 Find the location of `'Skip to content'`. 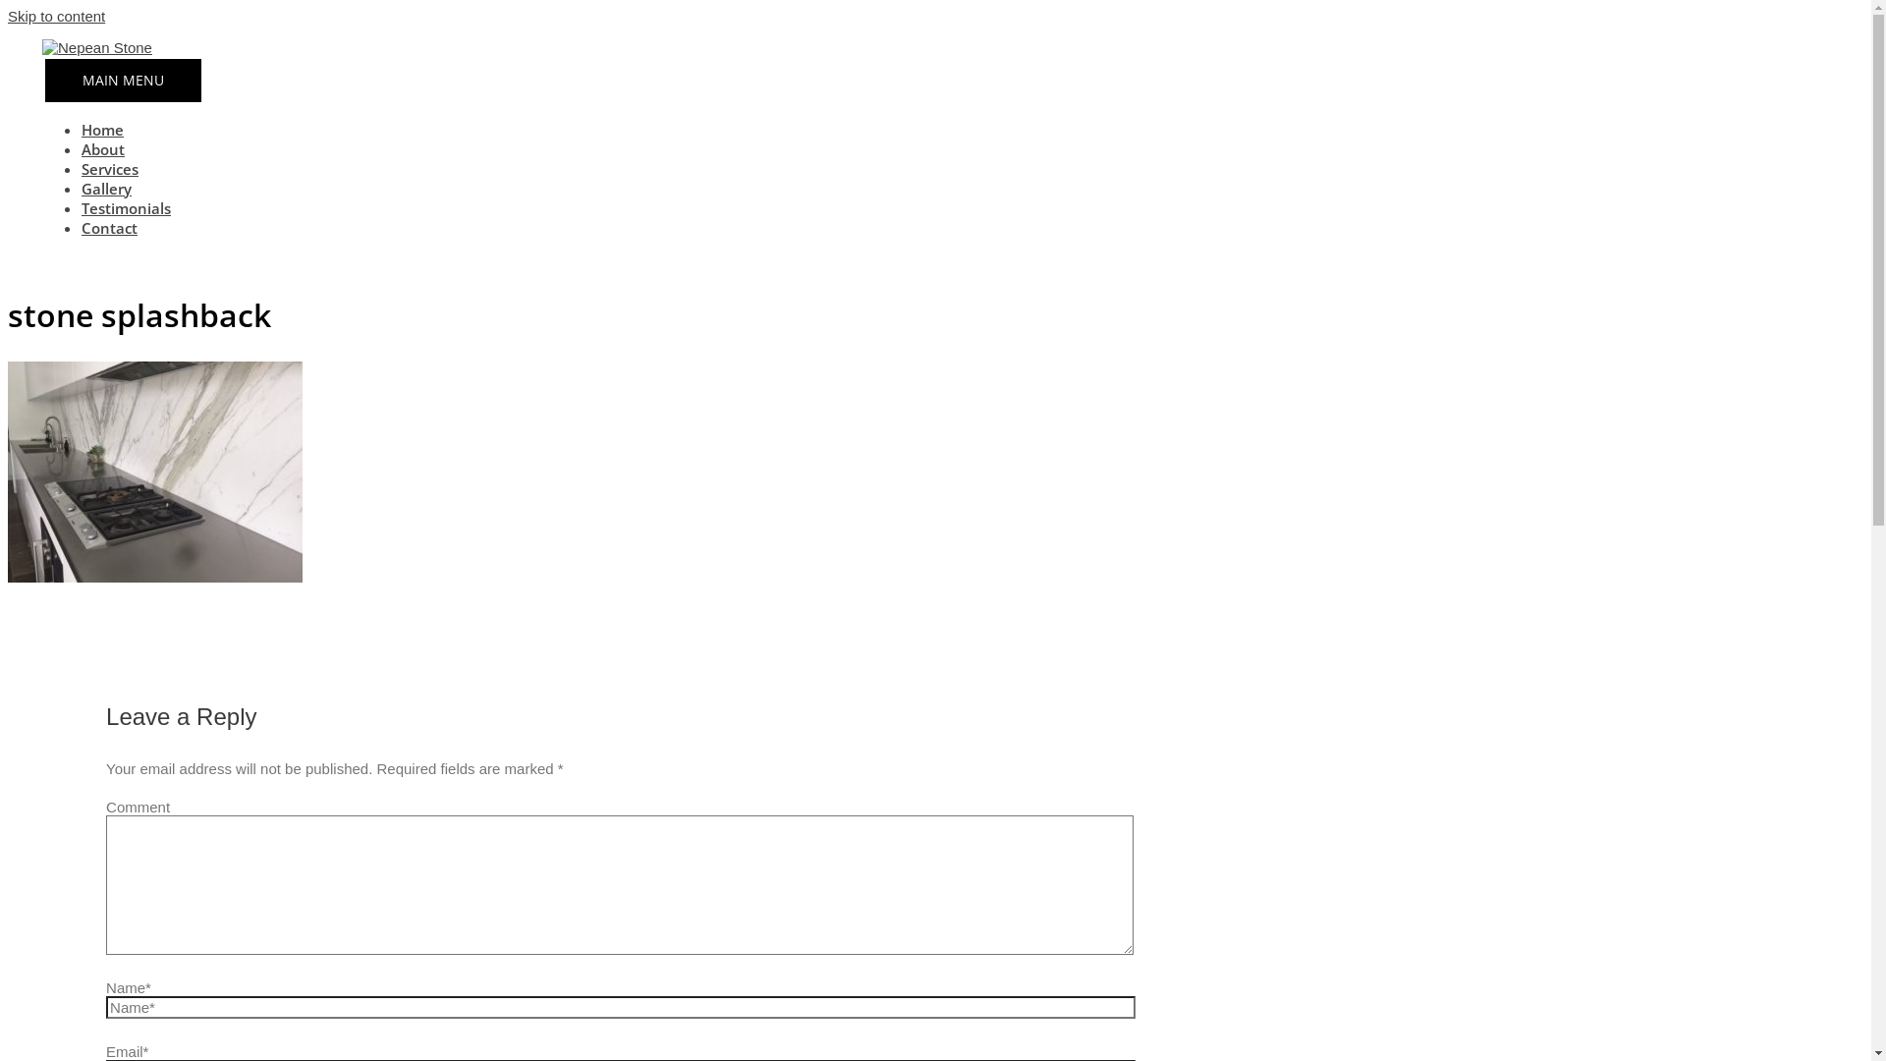

'Skip to content' is located at coordinates (56, 16).